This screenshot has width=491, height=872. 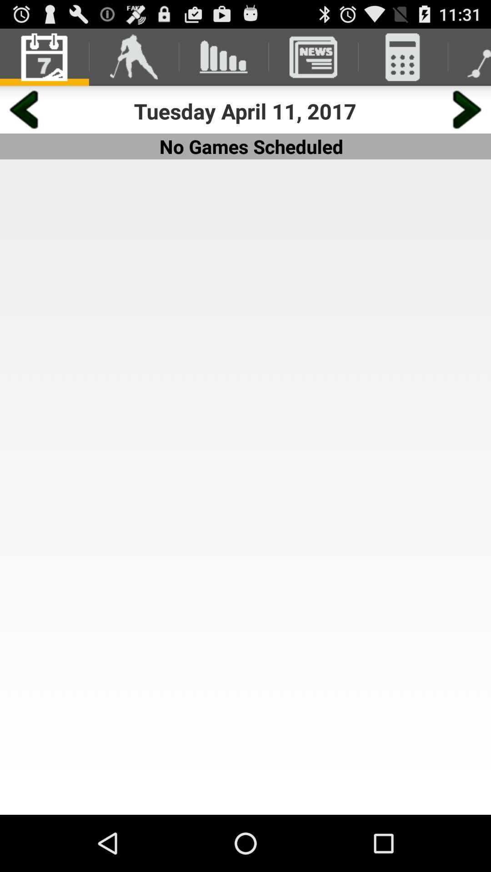 What do you see at coordinates (23, 117) in the screenshot?
I see `the arrow_backward icon` at bounding box center [23, 117].